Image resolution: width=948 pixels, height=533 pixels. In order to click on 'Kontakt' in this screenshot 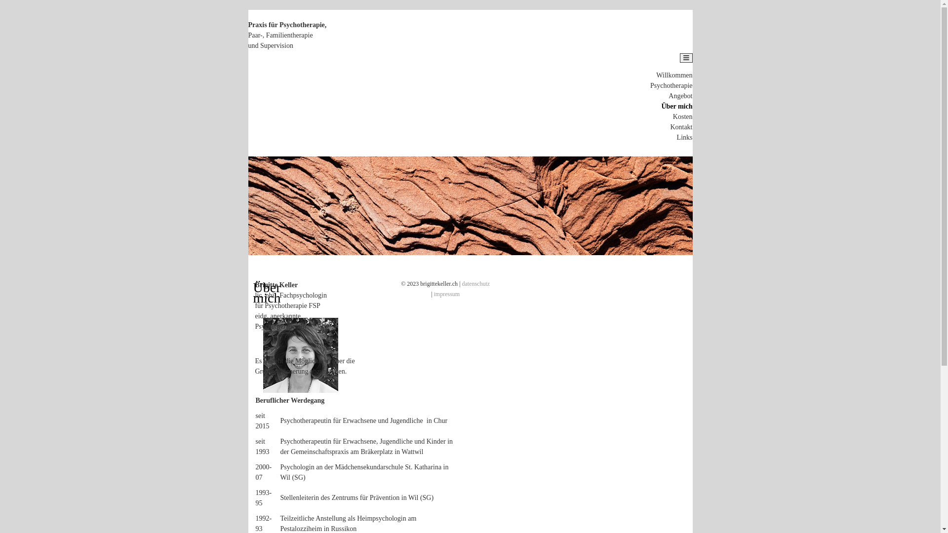, I will do `click(680, 126)`.